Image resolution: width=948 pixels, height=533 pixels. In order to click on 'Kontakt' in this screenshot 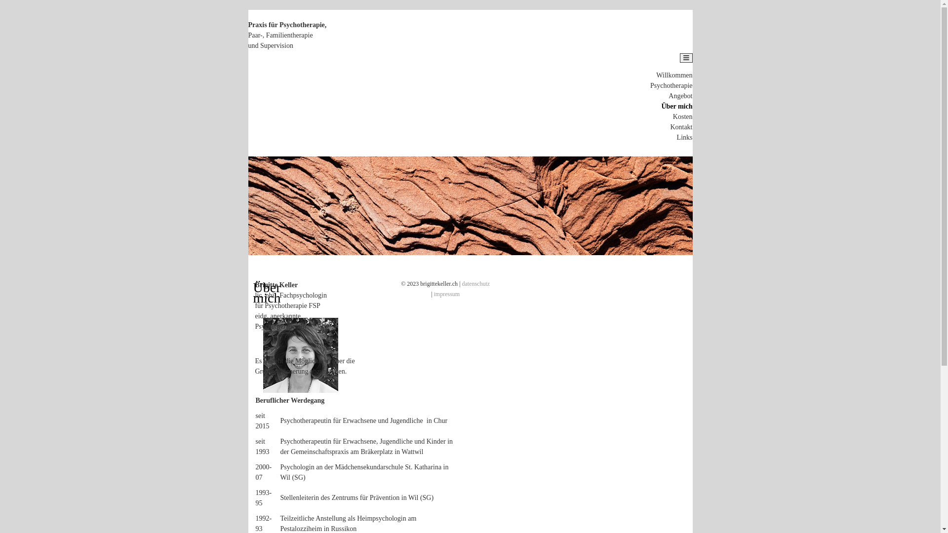, I will do `click(680, 126)`.